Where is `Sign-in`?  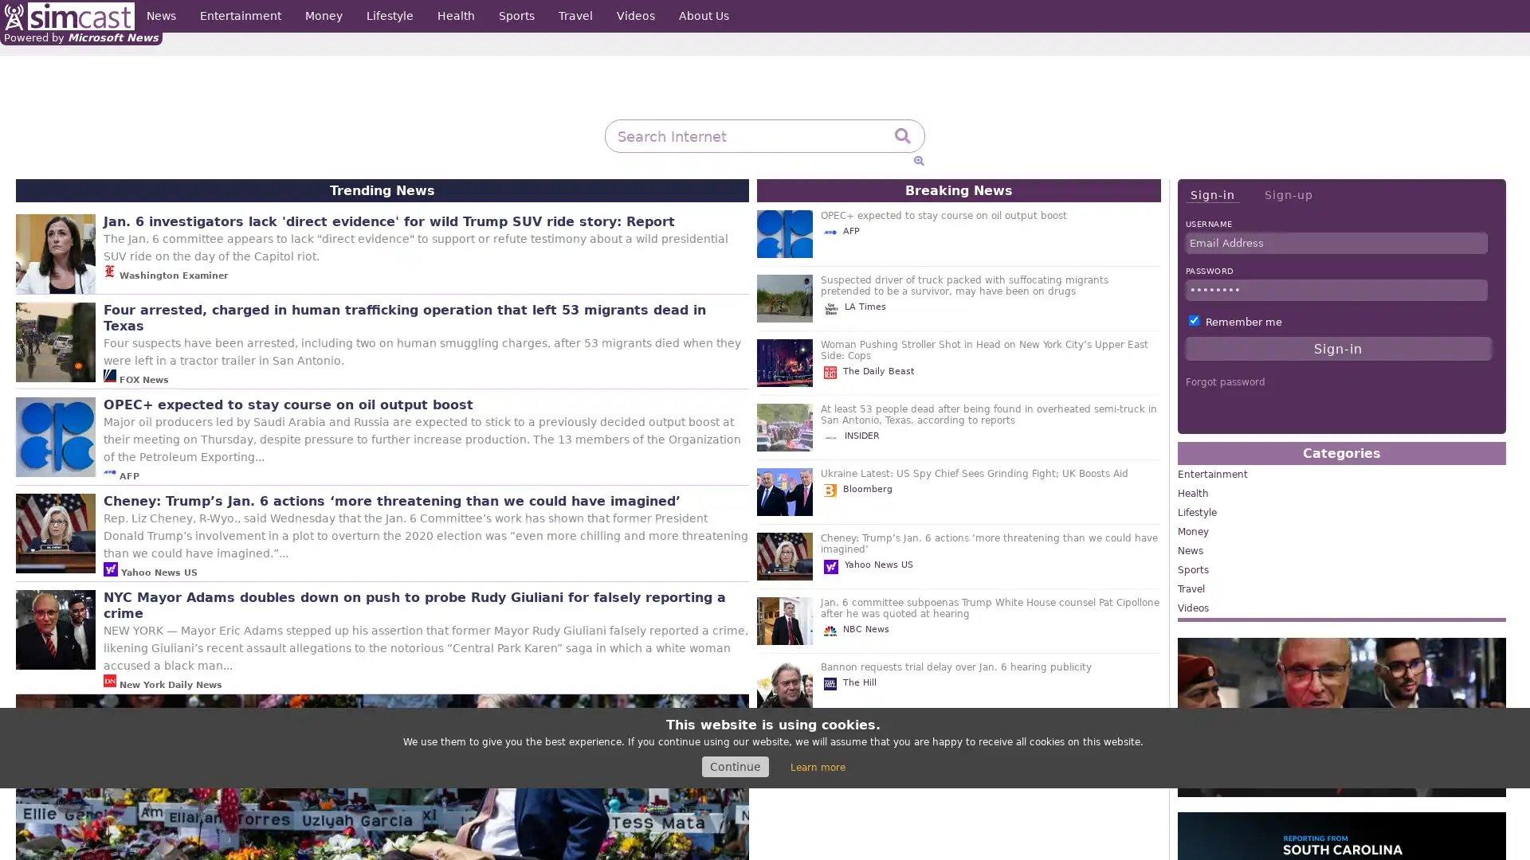 Sign-in is located at coordinates (1338, 348).